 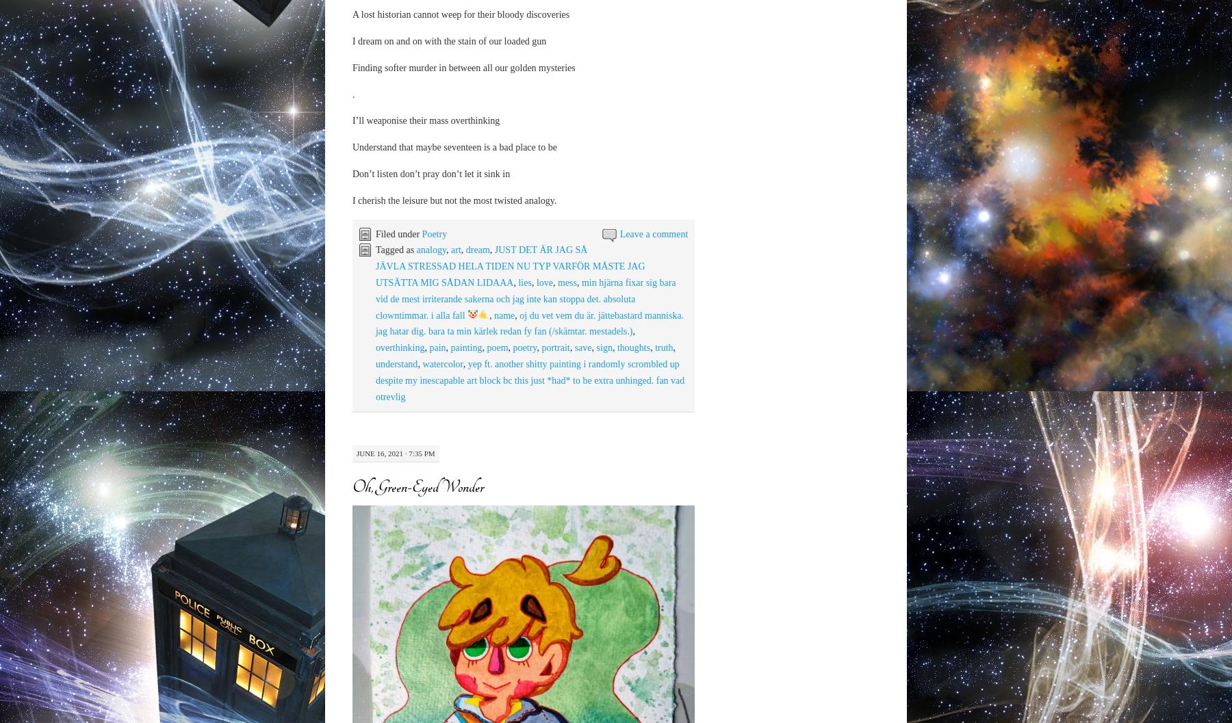 I want to click on 'lies', so click(x=524, y=281).